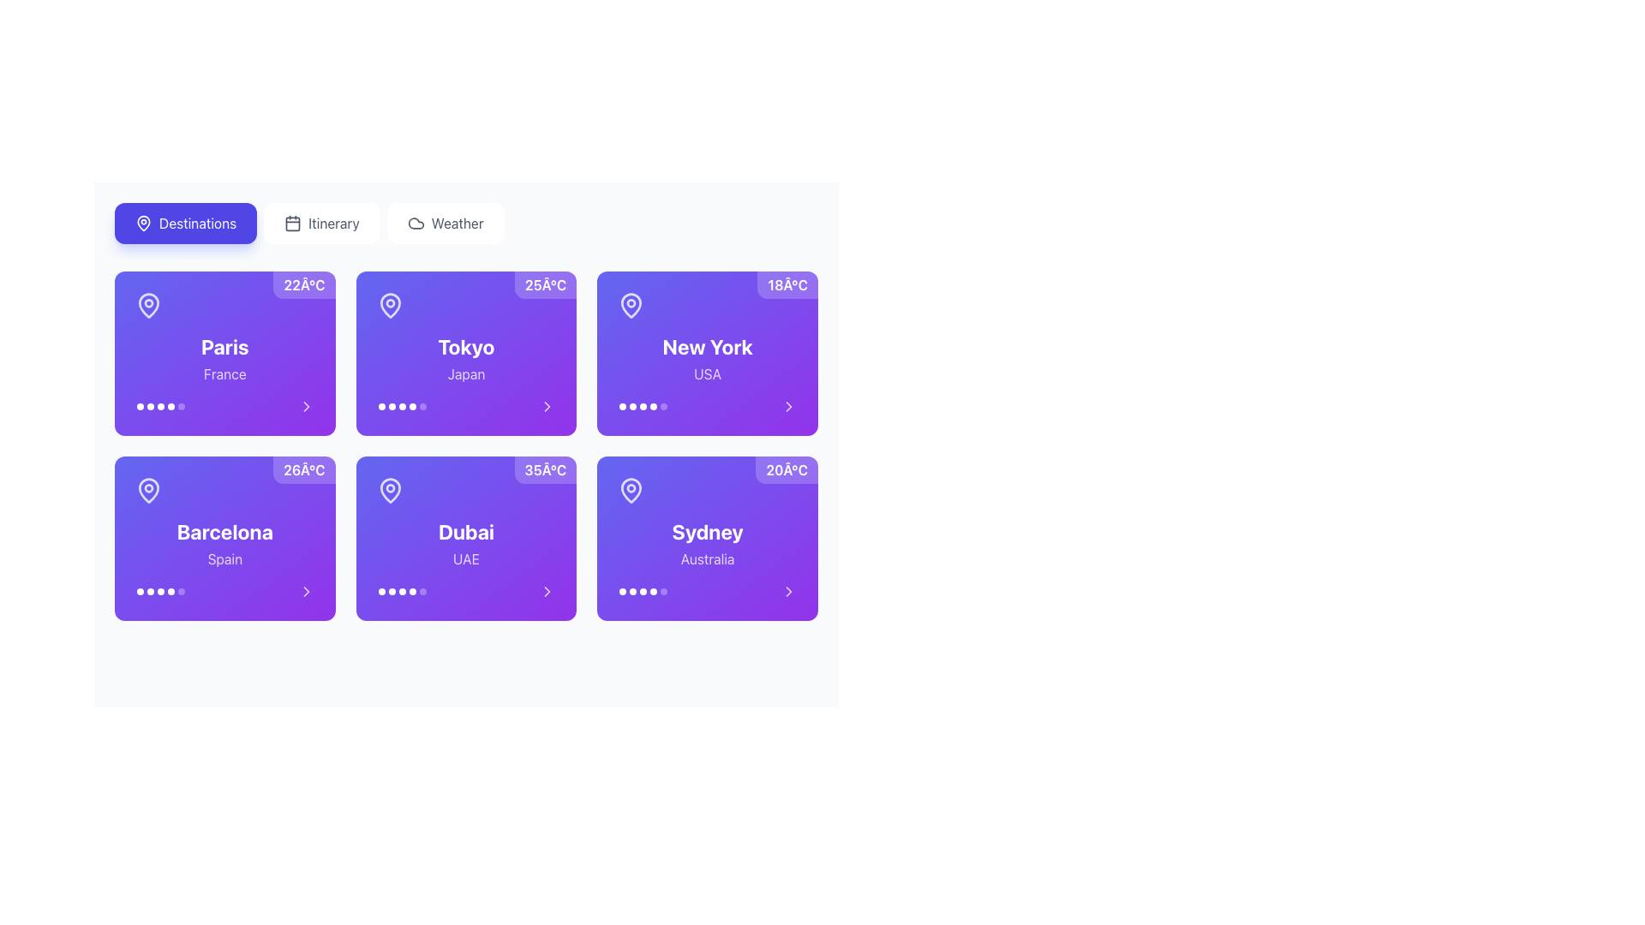  I want to click on the map pin icon located at the top-left of the 'Sydney, Australia' card, which has a white outline and a transparent interior, so click(631, 491).